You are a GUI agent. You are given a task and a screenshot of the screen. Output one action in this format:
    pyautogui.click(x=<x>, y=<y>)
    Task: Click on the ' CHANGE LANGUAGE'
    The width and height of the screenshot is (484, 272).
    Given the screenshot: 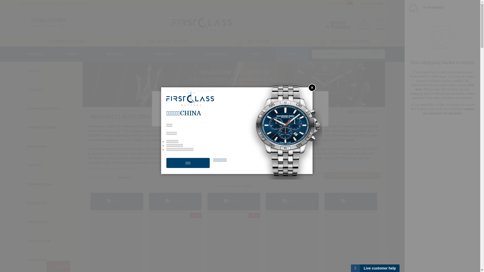 What is the action you would take?
    pyautogui.click(x=371, y=4)
    